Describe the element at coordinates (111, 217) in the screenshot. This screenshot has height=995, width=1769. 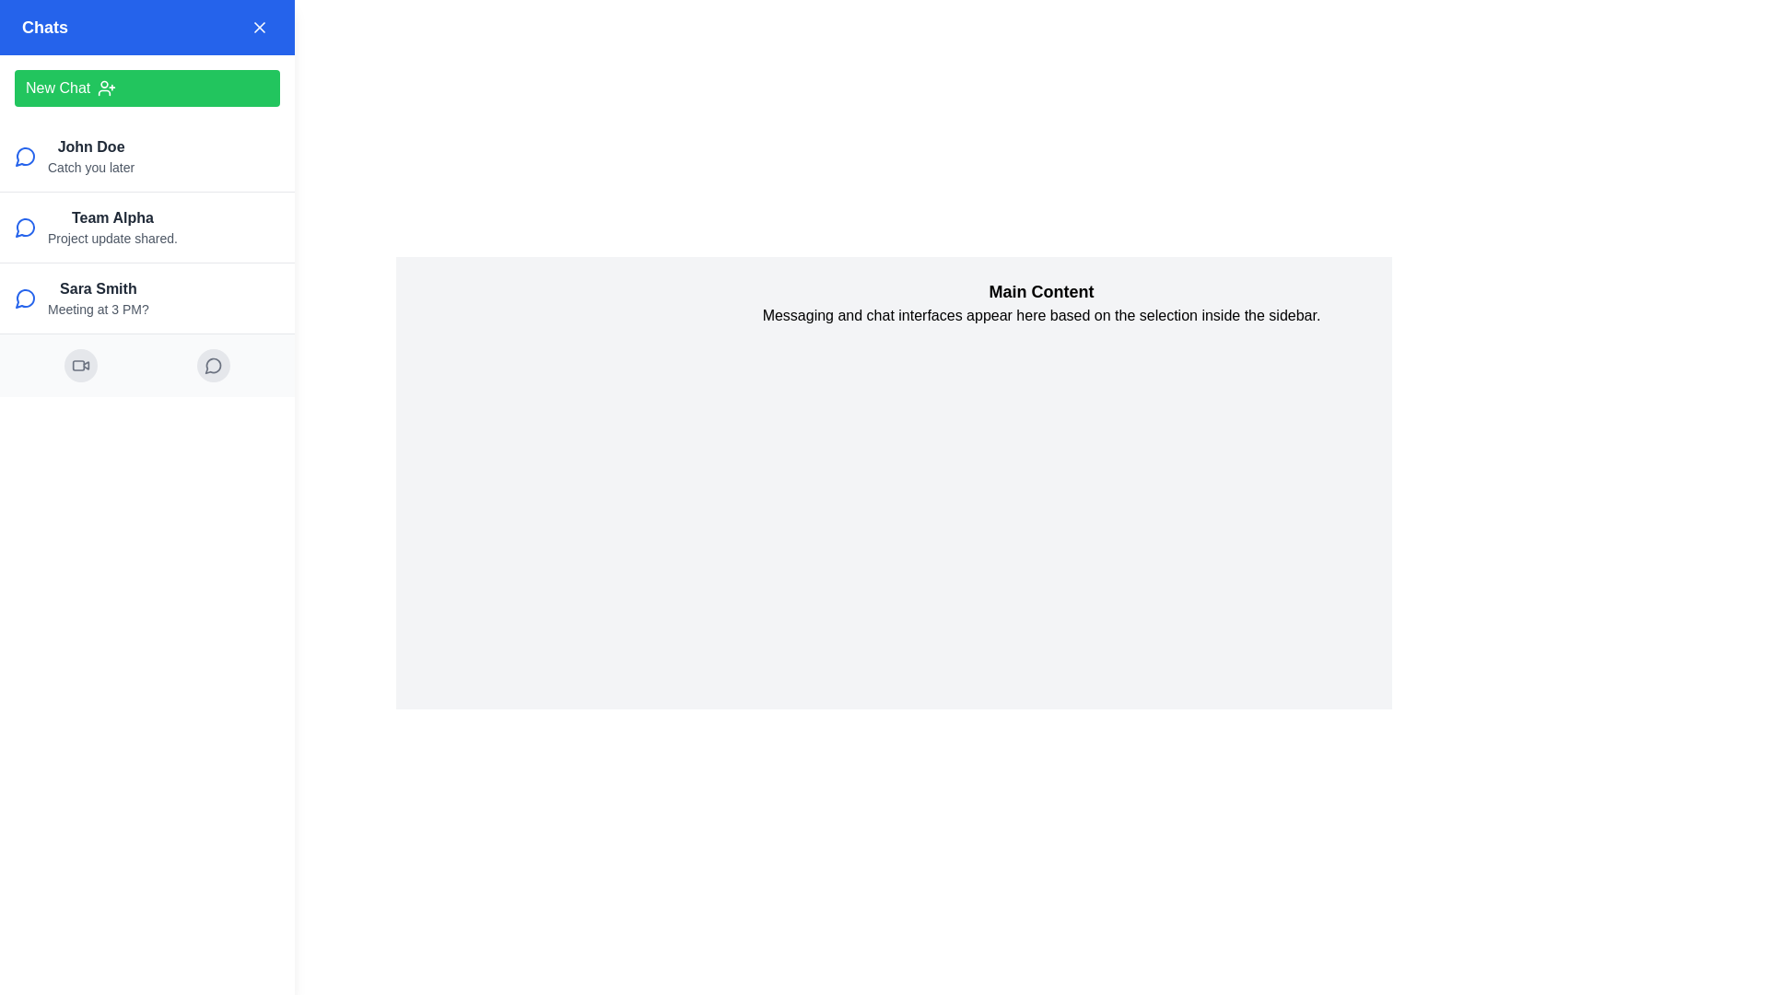
I see `the bold text 'Team Alpha' in the sidebar` at that location.